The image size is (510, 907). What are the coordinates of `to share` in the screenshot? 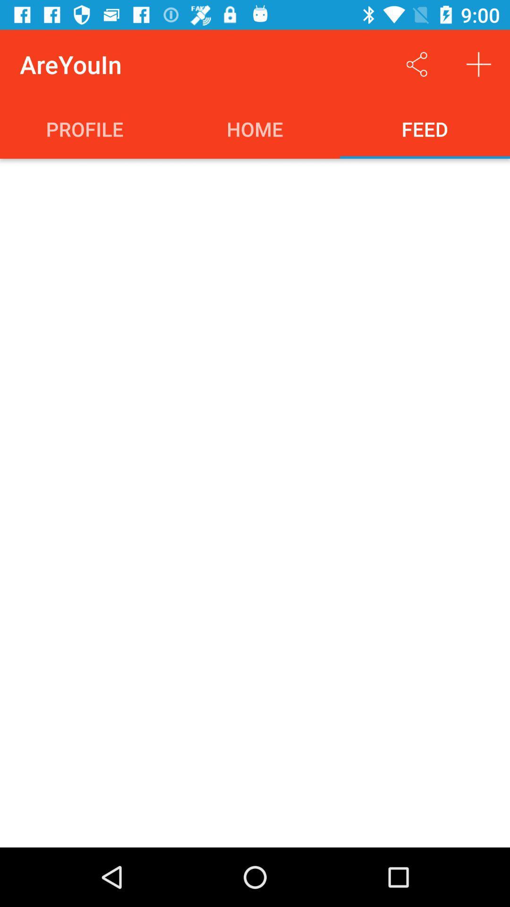 It's located at (416, 64).